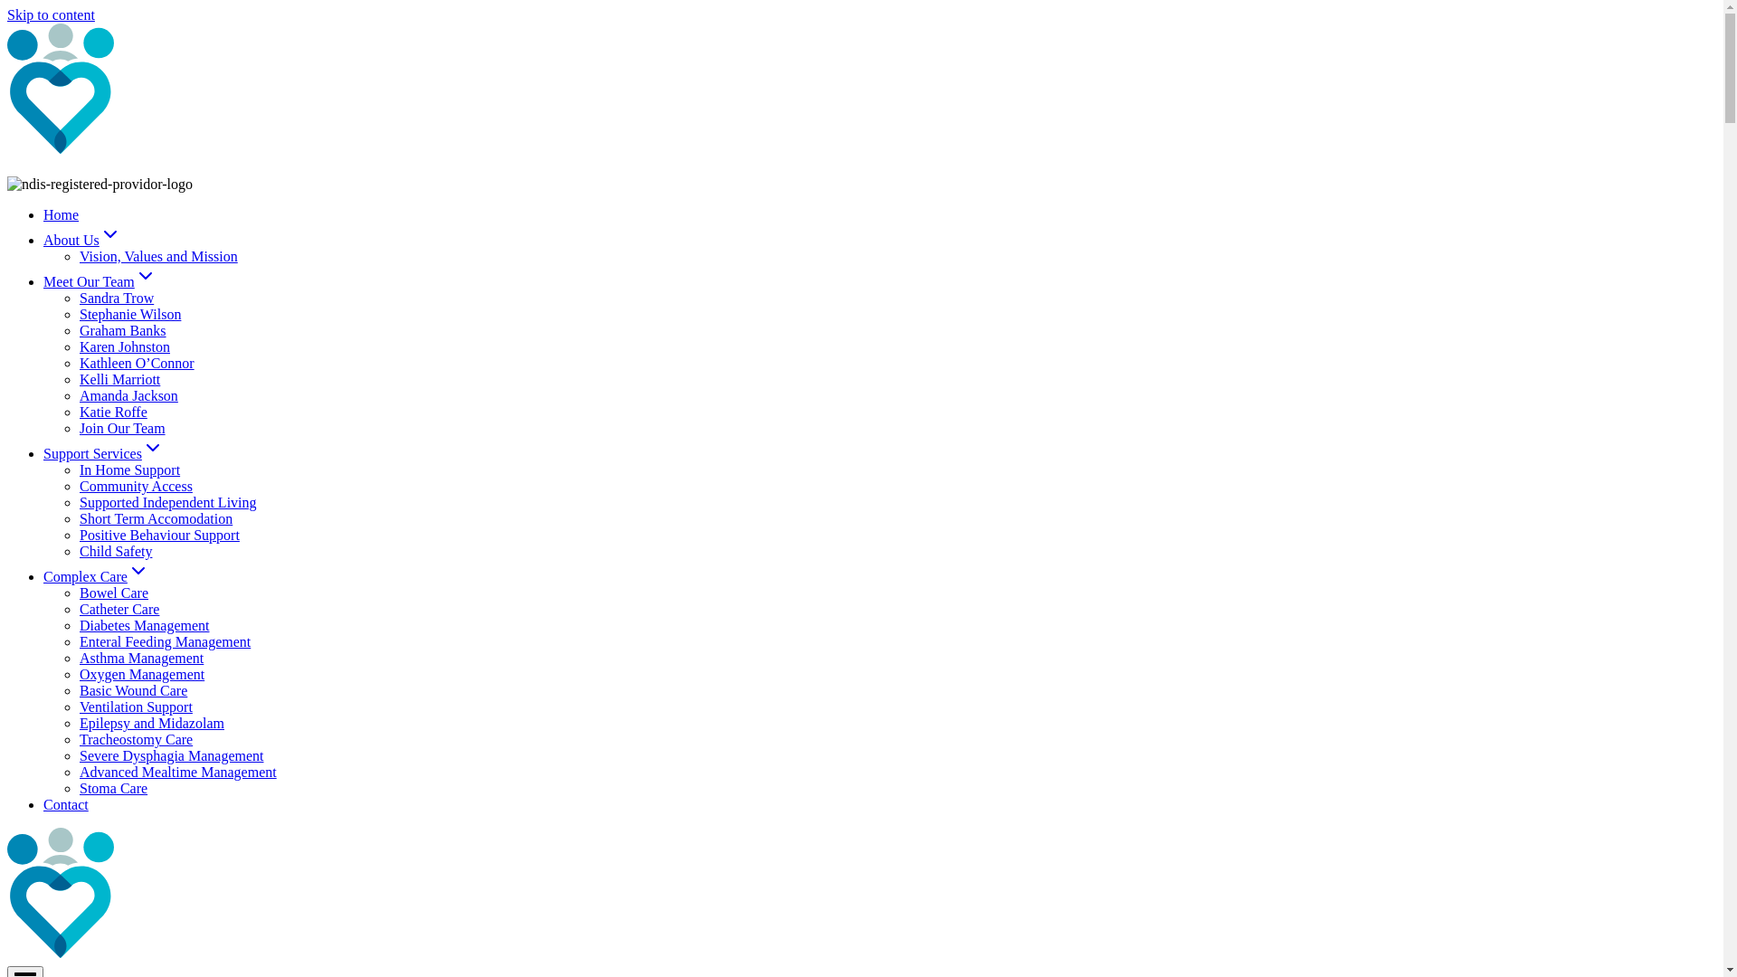 The height and width of the screenshot is (977, 1737). What do you see at coordinates (143, 624) in the screenshot?
I see `'Diabetes Management'` at bounding box center [143, 624].